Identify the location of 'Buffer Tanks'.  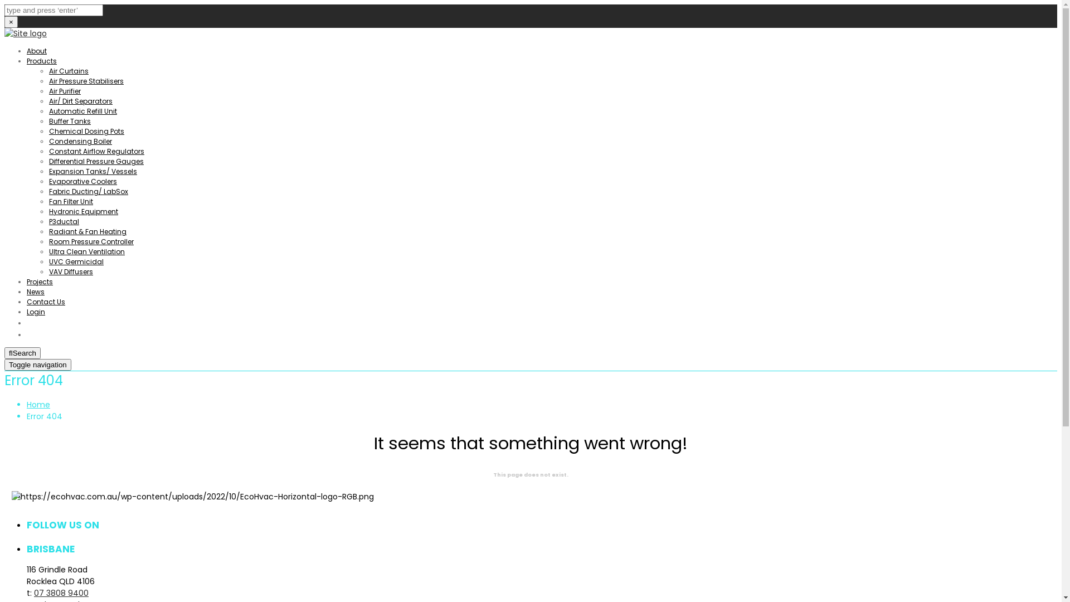
(69, 121).